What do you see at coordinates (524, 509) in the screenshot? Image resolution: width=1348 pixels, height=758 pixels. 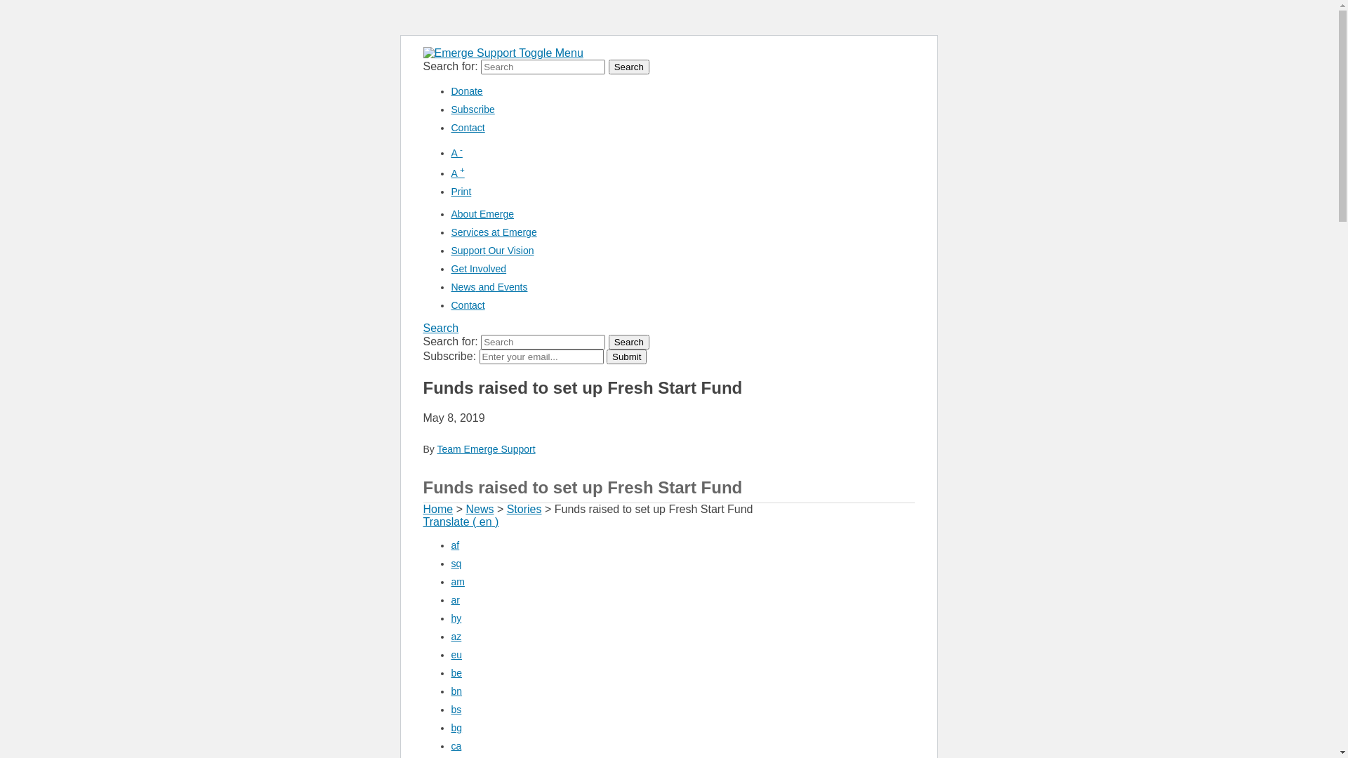 I see `'Stories'` at bounding box center [524, 509].